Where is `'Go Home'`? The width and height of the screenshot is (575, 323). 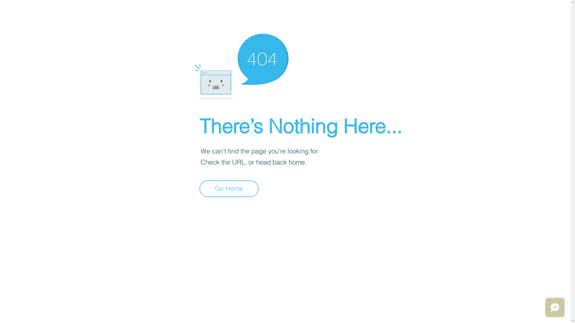 'Go Home' is located at coordinates (229, 189).